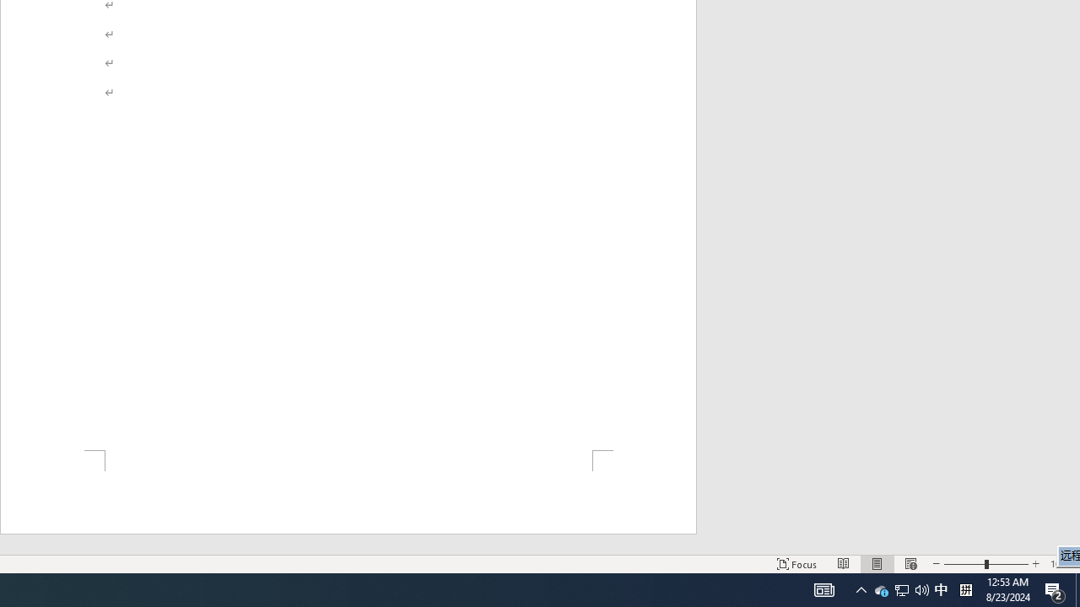 The image size is (1080, 607). I want to click on 'Zoom', so click(985, 564).